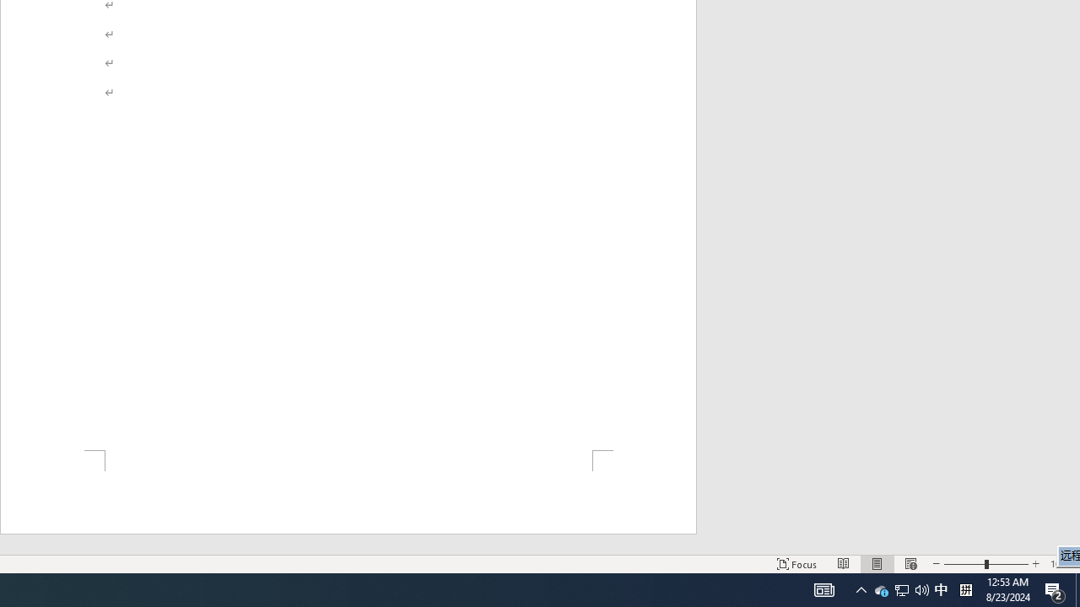 The image size is (1080, 607). I want to click on 'Zoom', so click(985, 564).